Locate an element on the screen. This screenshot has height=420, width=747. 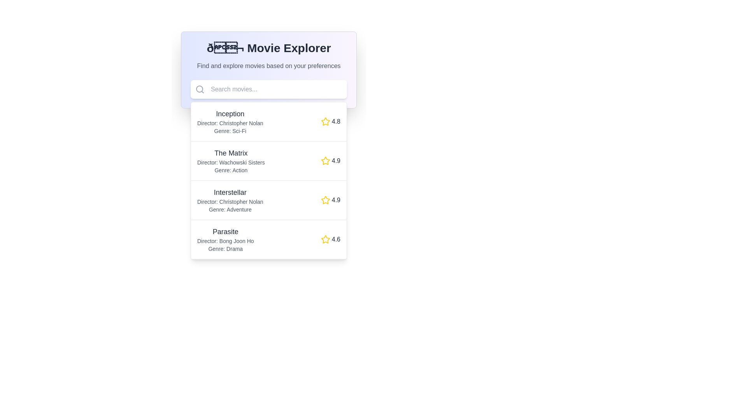
the rating displayed as a yellow star icon with the number '4.9' in bold text, located at the bottom-right corner of 'The Matrix' movie entry panel is located at coordinates (330, 160).